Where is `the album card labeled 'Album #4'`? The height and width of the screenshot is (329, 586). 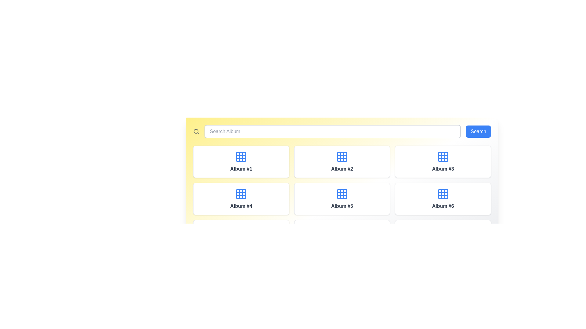 the album card labeled 'Album #4' is located at coordinates (241, 199).